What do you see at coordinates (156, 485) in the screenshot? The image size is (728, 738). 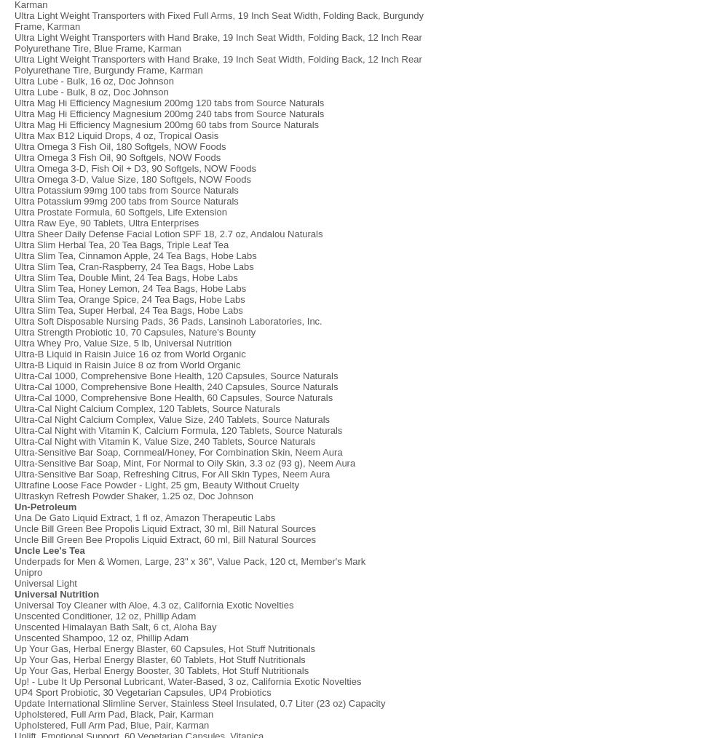 I see `'Ultrafine Loose Face Powder - Light, 25 gm, Beauty Without Cruelty'` at bounding box center [156, 485].